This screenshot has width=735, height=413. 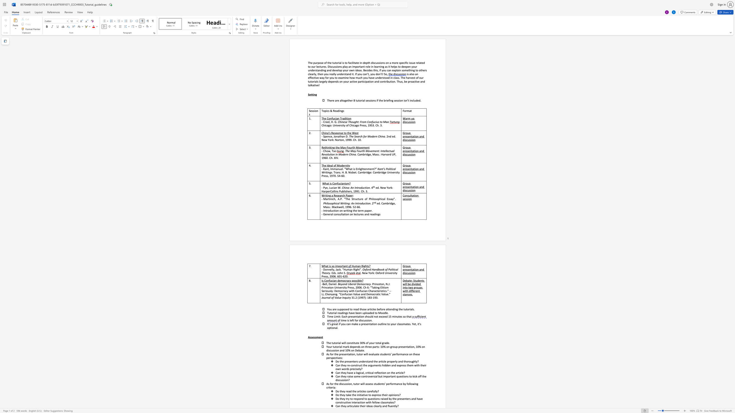 I want to click on the subset text "ing" within the text "Rethinking the May-Fourth Movement", so click(x=331, y=147).